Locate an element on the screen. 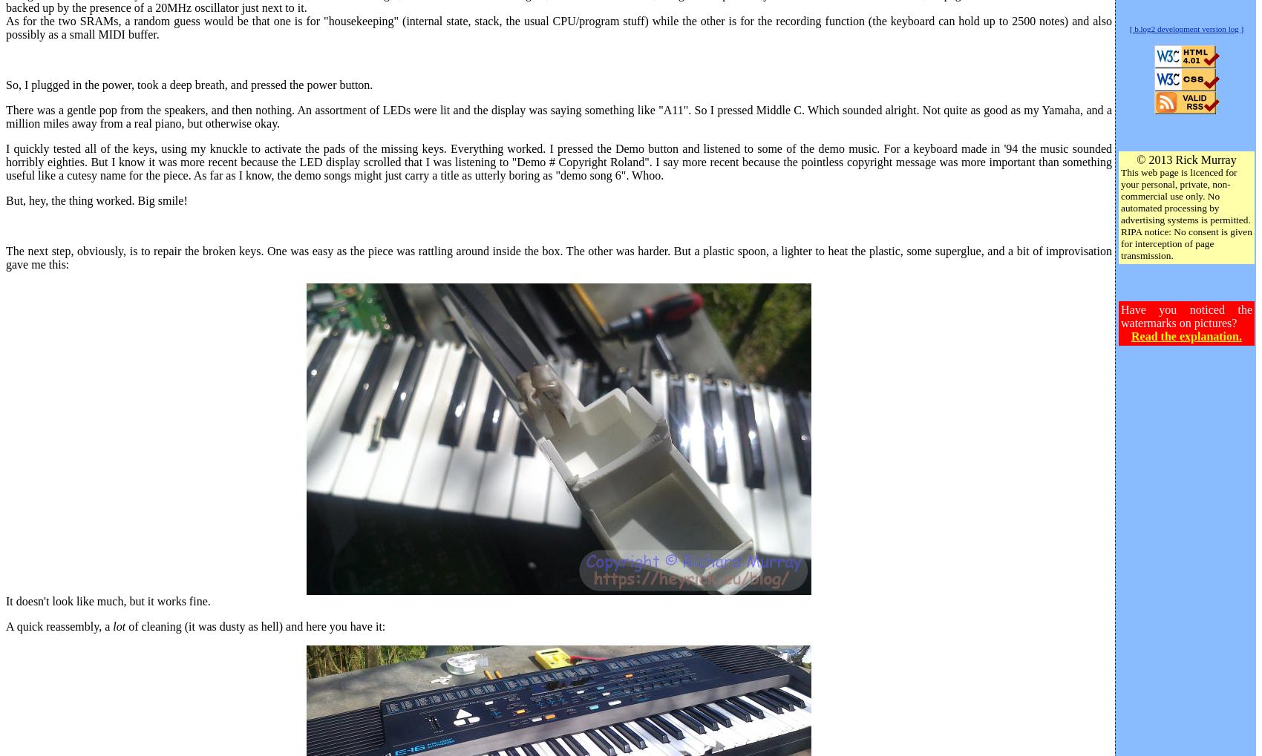 The height and width of the screenshot is (756, 1262). 'There was a gentle pop from the speakers, and then nothing. An assortment of LEDs were lit and the display was saying something like "A11". So I pressed Middle C. Which sounded alright. Not quite as good as my Yamaha, and a million miles away from a real piano, but otherwise okay.' is located at coordinates (5, 116).